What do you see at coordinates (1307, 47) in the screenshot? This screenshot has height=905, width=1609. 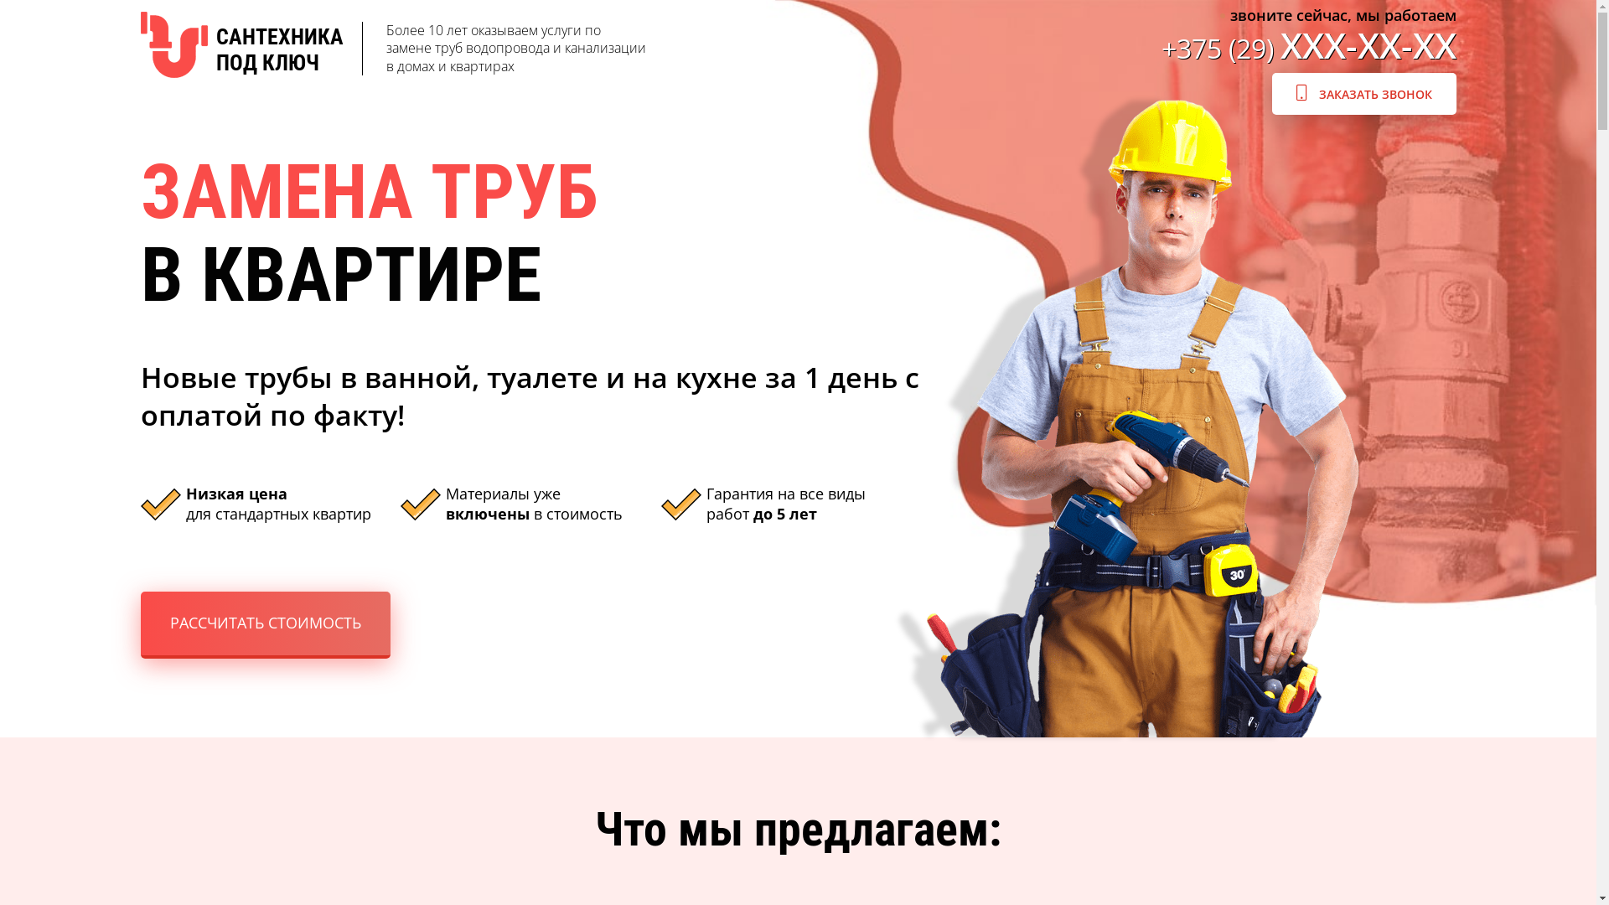 I see `'+375 (29) XXX-XX-XX'` at bounding box center [1307, 47].